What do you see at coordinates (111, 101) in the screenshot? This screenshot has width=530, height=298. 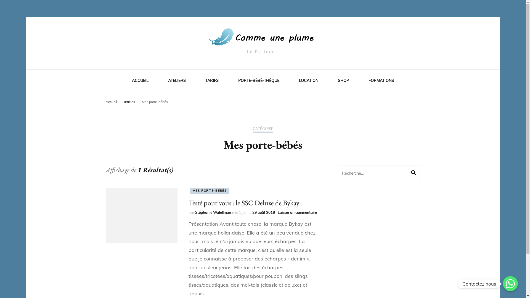 I see `'Accueil'` at bounding box center [111, 101].